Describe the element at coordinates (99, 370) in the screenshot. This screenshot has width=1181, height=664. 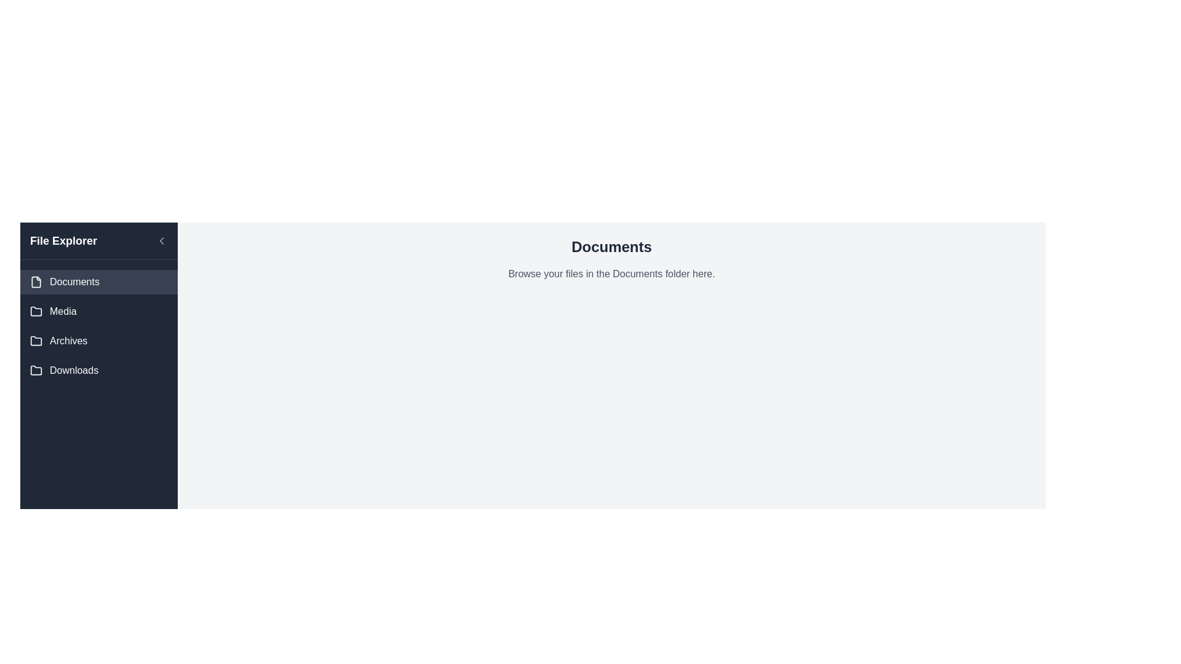
I see `the fourth menu item in the left sidebar that represents the 'Downloads' directory` at that location.